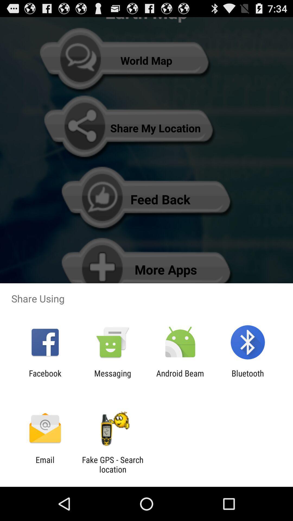  Describe the element at coordinates (112, 378) in the screenshot. I see `messaging app` at that location.